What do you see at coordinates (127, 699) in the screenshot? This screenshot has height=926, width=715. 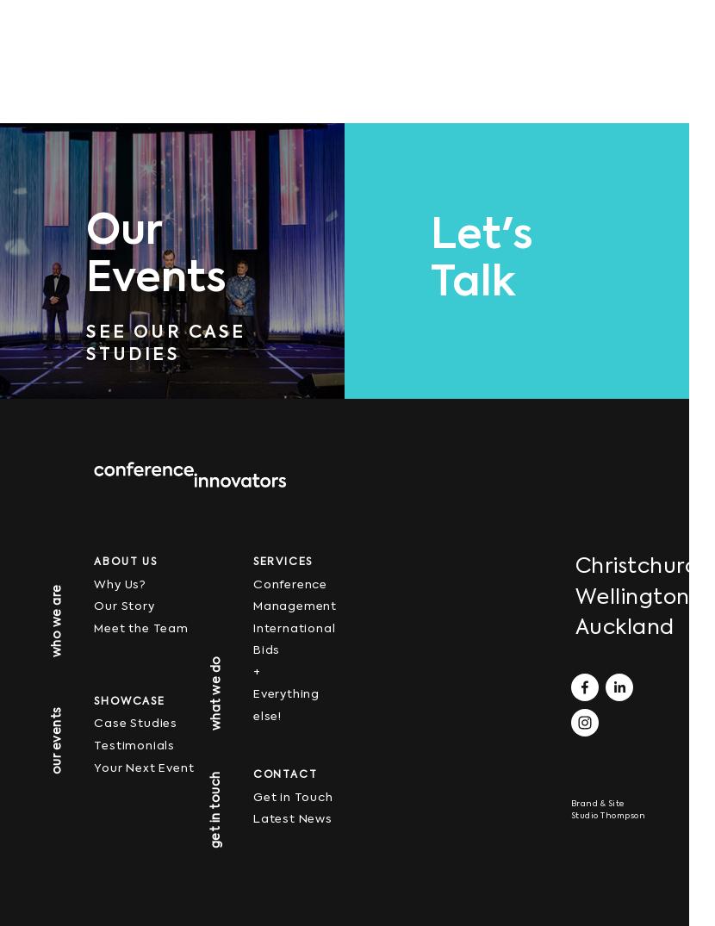 I see `'SHOWCASE'` at bounding box center [127, 699].